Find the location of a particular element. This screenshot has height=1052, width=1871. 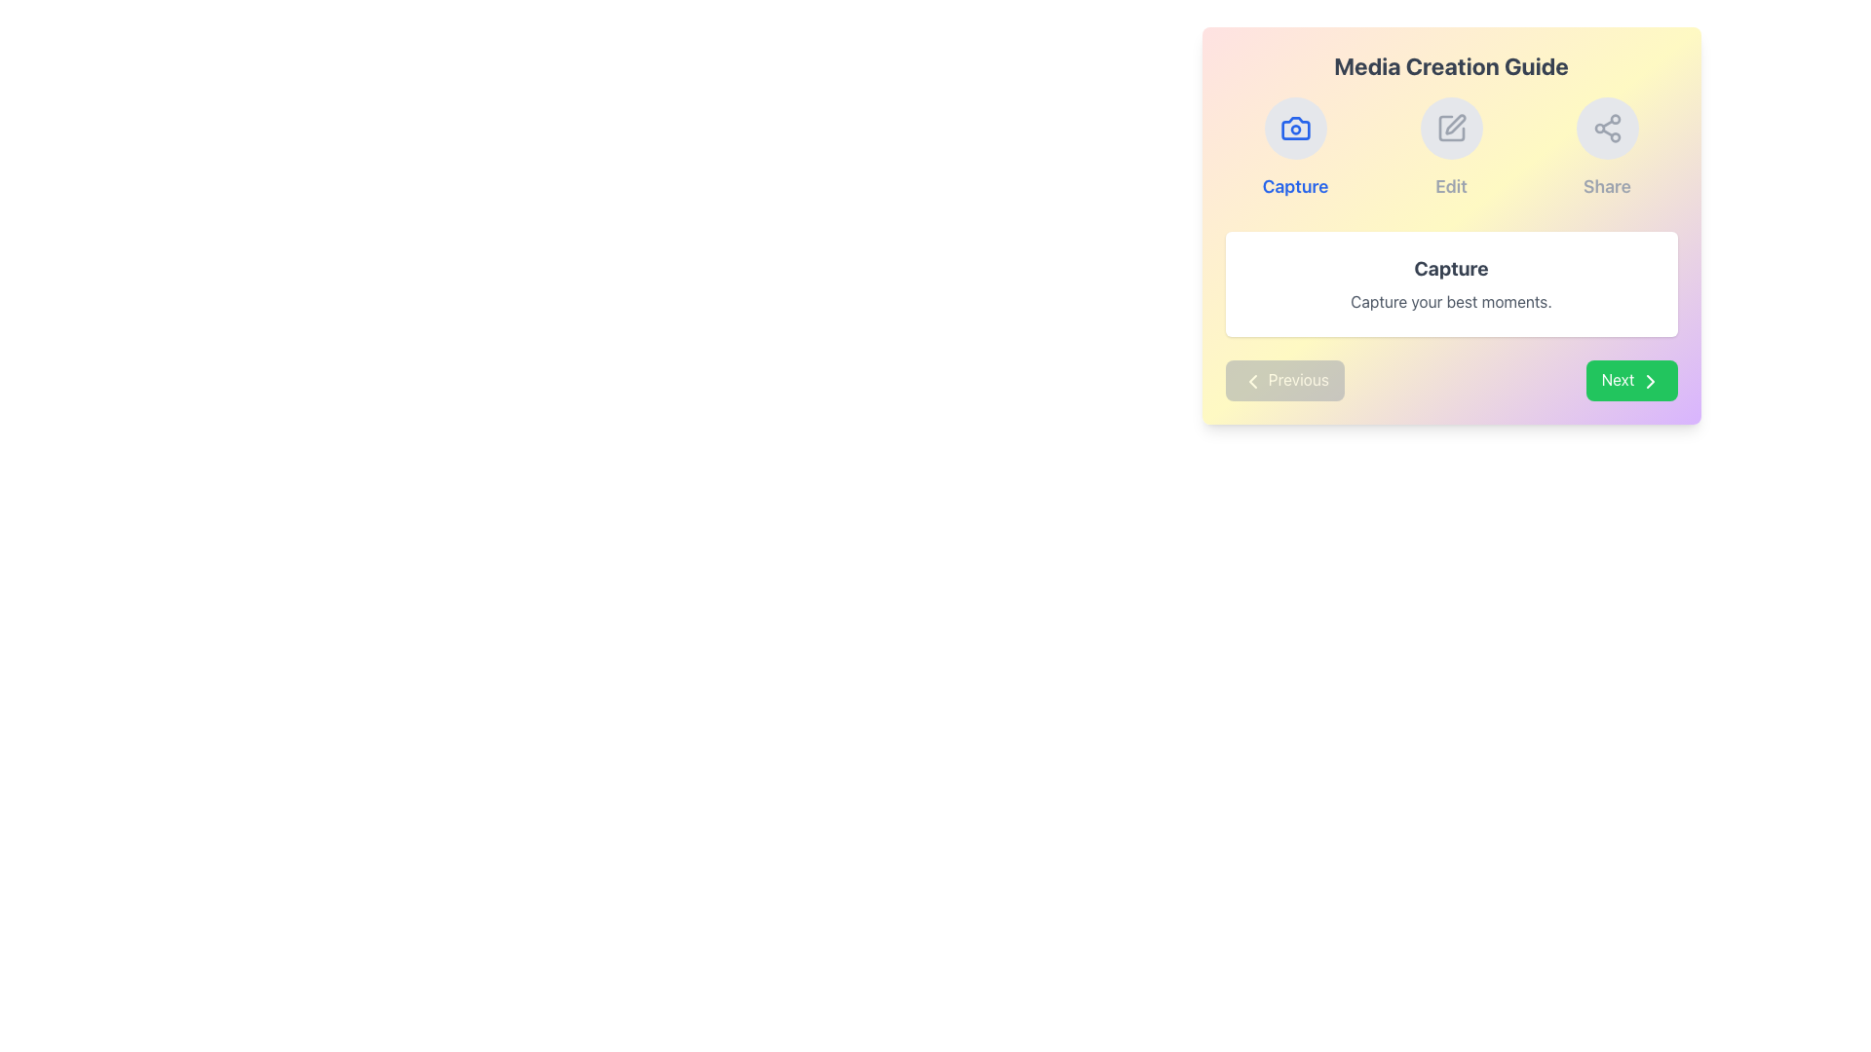

the Capture icon button, which is a circular gray icon with a blue camera glyph, located at the top section of the Media Creation Guide interface is located at coordinates (1295, 128).